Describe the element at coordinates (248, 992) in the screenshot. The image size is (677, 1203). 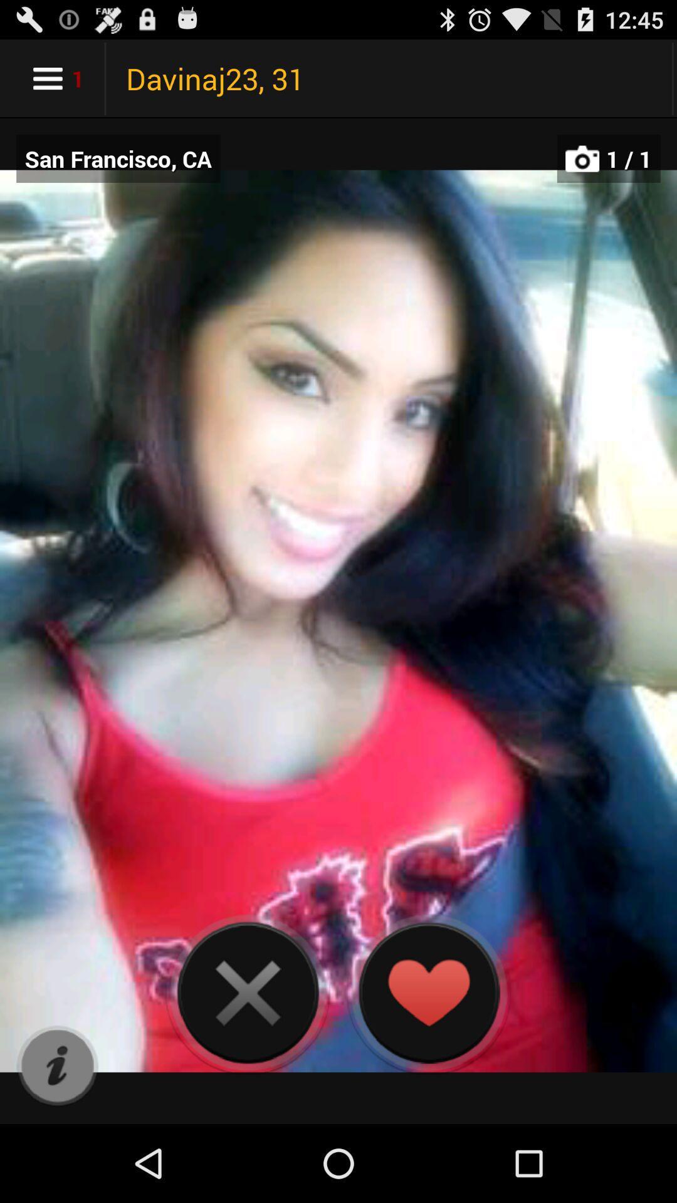
I see `next picture` at that location.